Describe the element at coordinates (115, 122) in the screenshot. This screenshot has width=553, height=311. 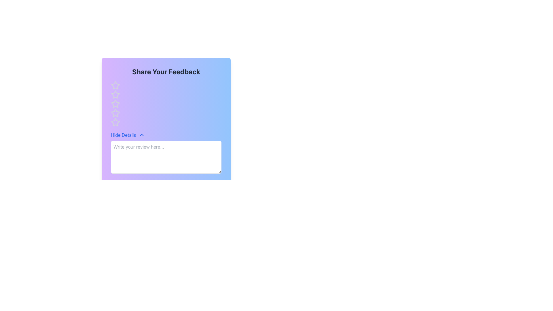
I see `the fourth star in the vertically aligned set of five star rating icons located in the upper left area of the feedback form` at that location.